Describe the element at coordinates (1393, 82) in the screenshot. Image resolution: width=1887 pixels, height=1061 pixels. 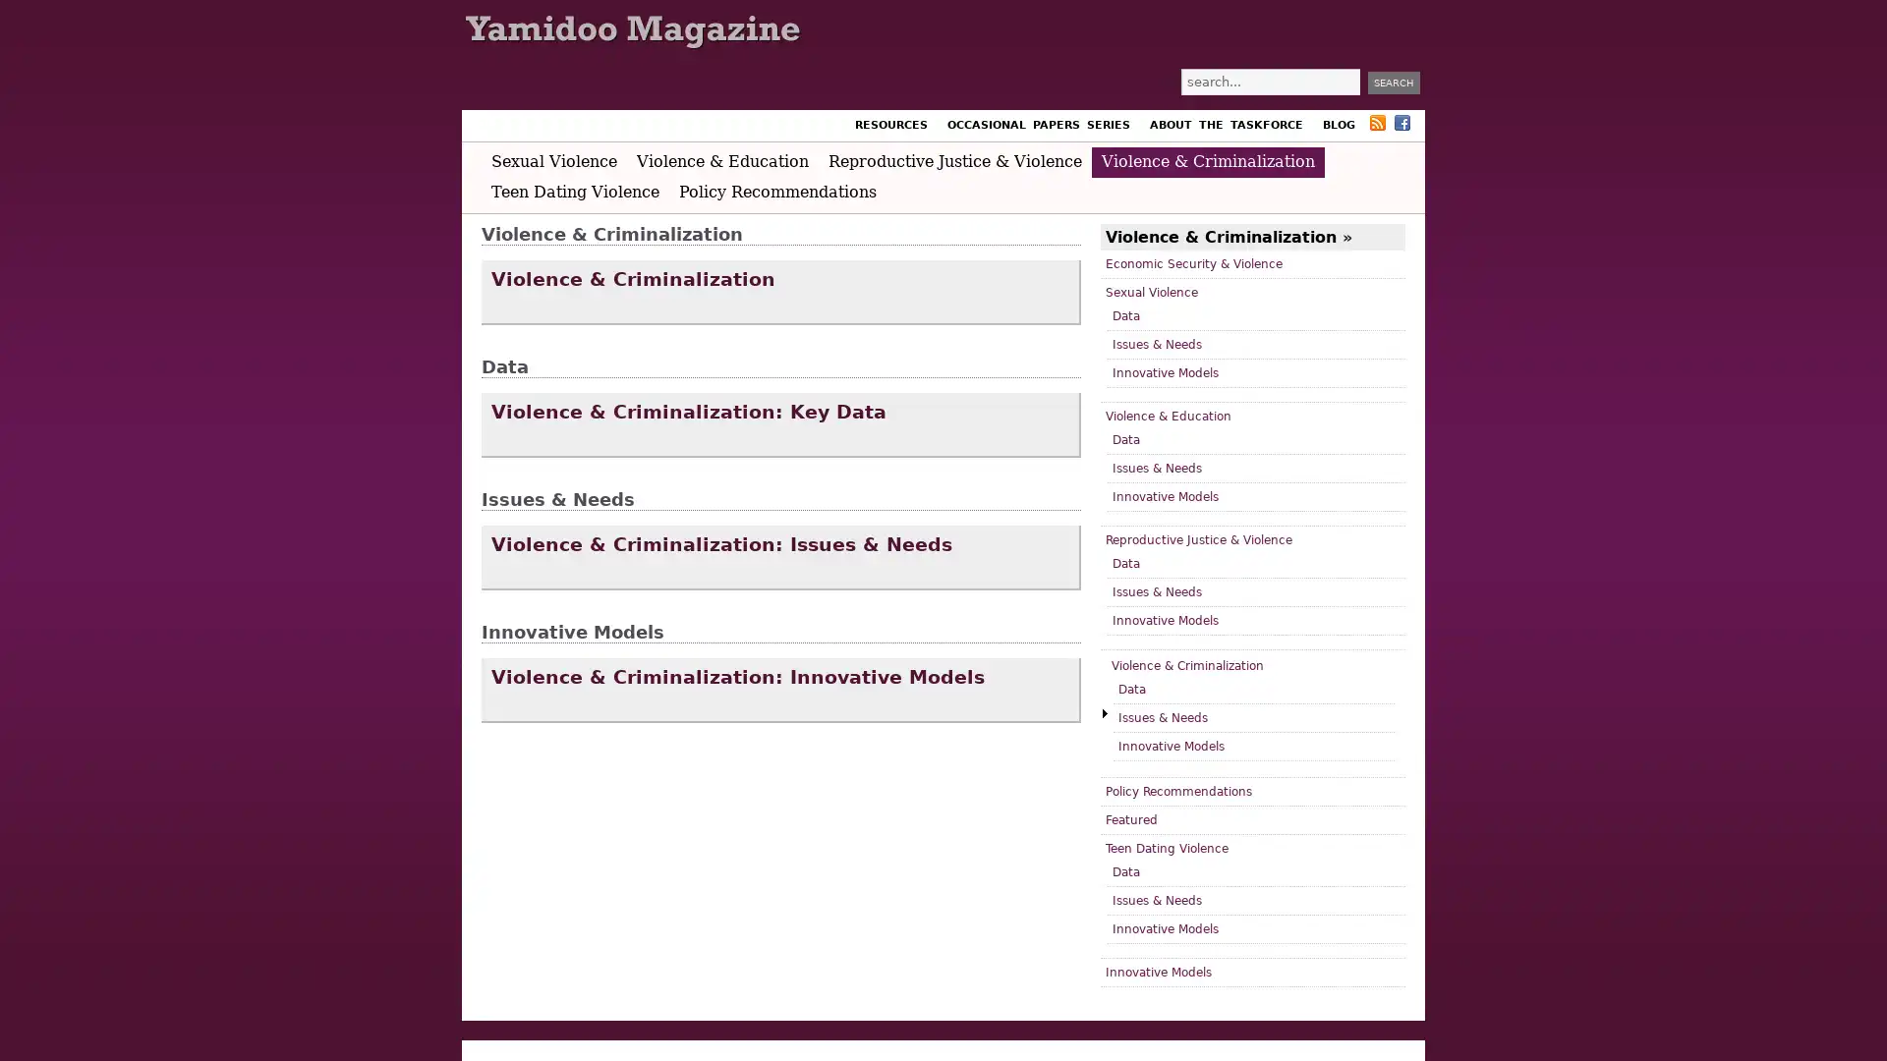
I see `Search` at that location.